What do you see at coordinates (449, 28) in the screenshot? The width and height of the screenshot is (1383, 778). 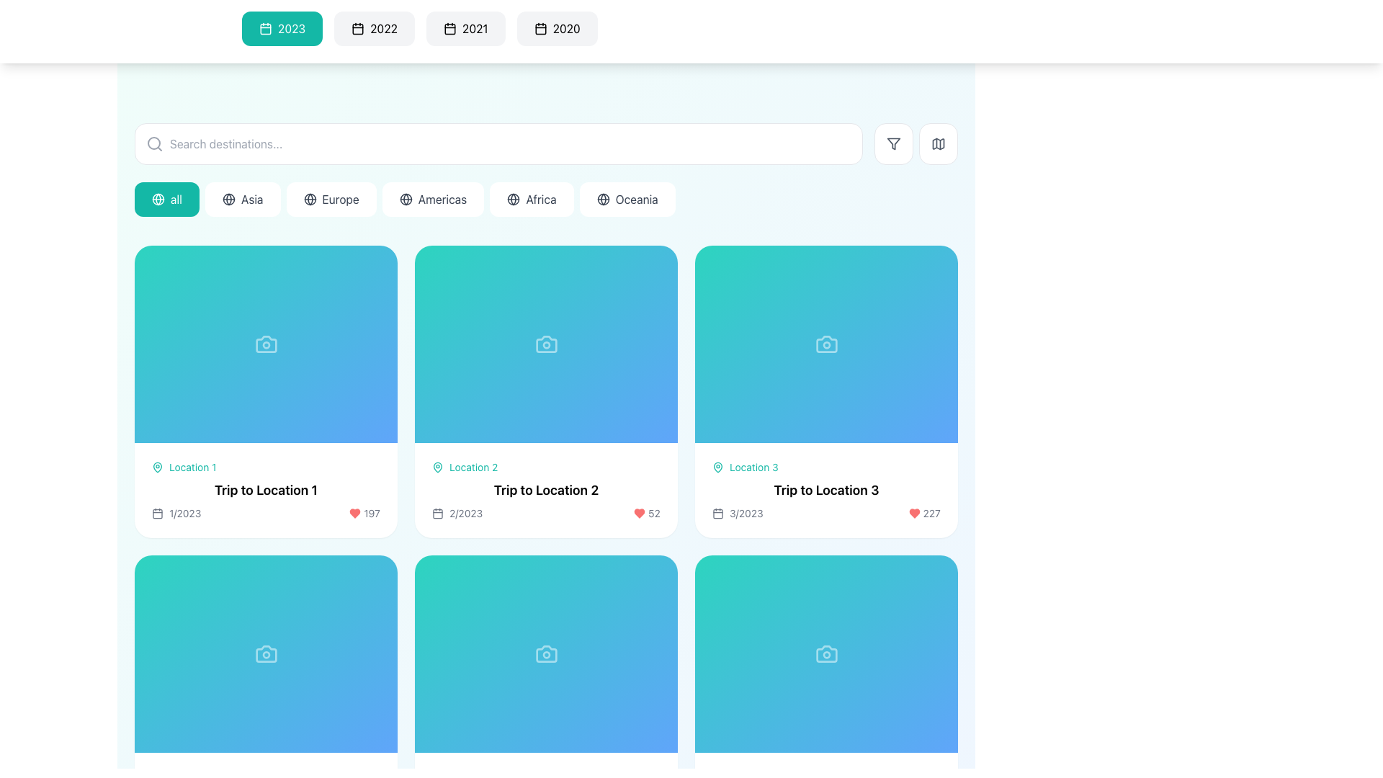 I see `the calendar icon within the button labeled '2021'` at bounding box center [449, 28].